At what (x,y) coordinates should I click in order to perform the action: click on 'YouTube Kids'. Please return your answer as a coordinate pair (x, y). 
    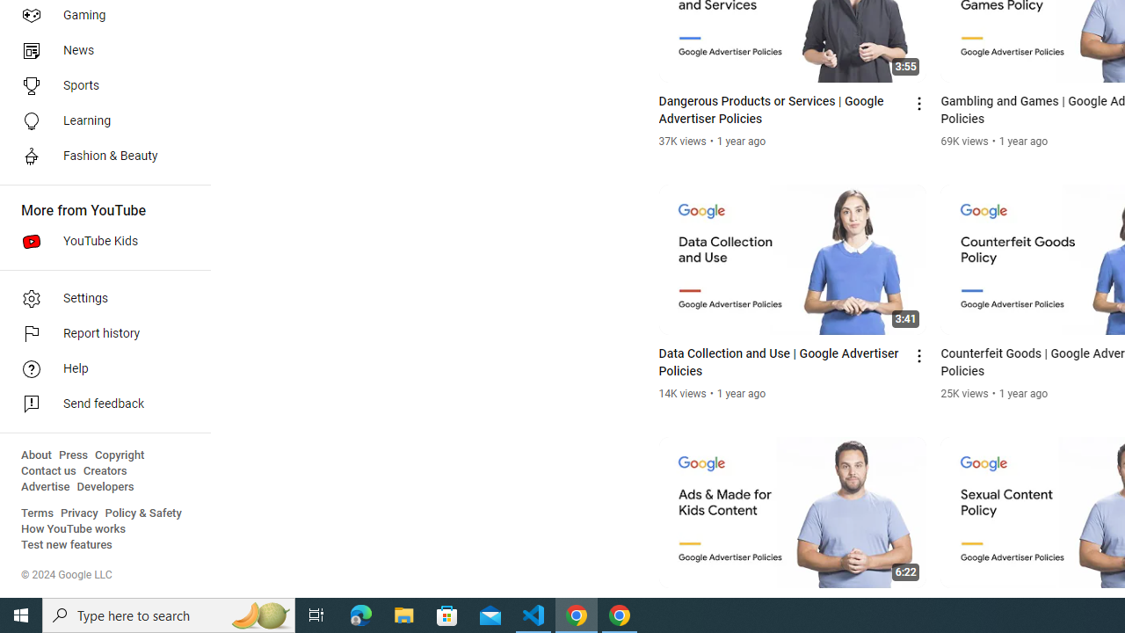
    Looking at the image, I should click on (98, 242).